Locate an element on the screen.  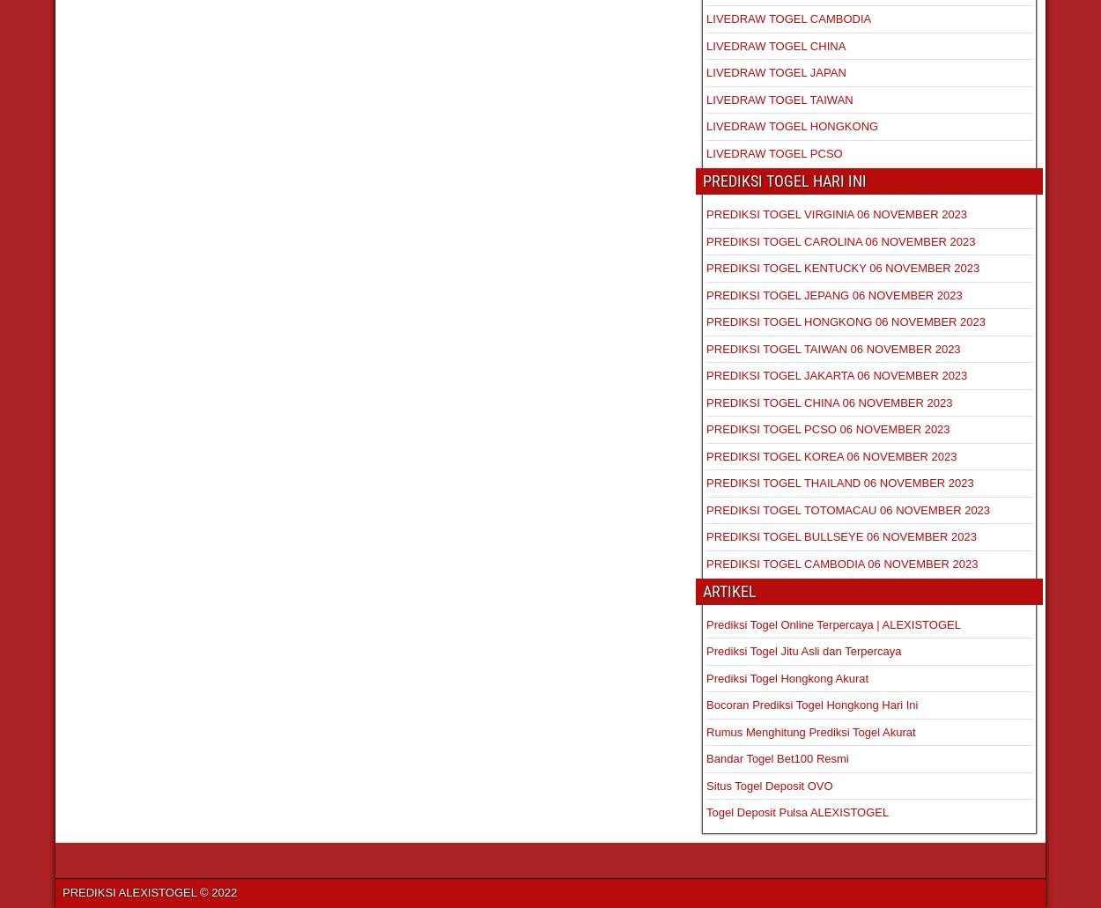
'Situs Togel Deposit OVO' is located at coordinates (768, 785).